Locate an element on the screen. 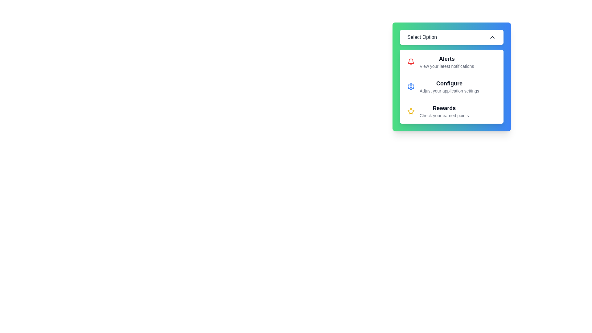 The height and width of the screenshot is (333, 592). 'Configure' label, which is prominently styled in bold and larger font, indicating its importance in the settings menu is located at coordinates (449, 83).